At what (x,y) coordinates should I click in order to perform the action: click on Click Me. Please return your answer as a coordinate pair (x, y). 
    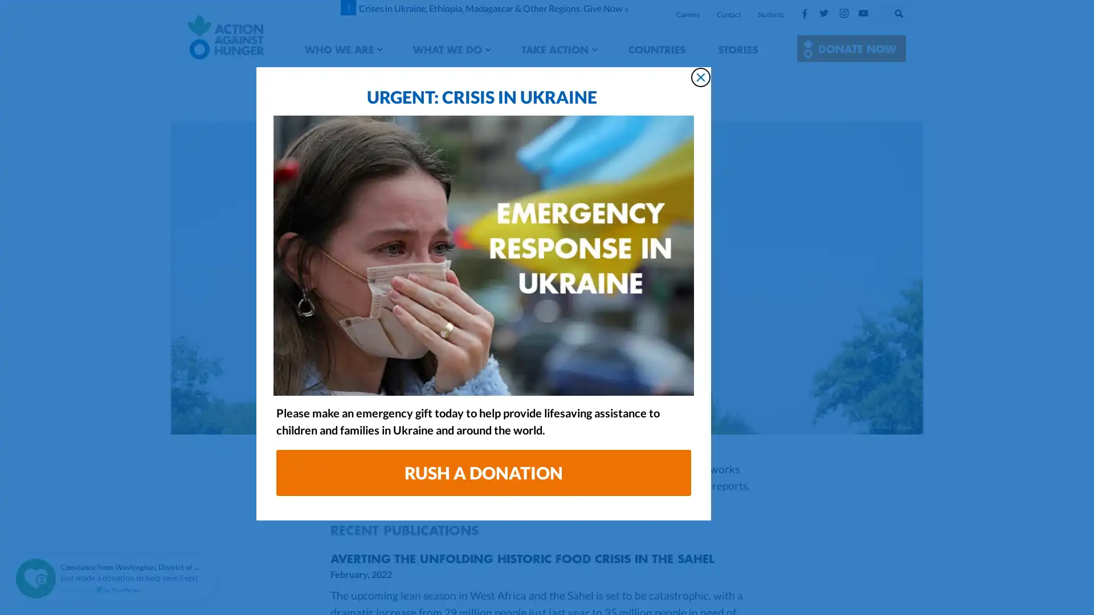
    Looking at the image, I should click on (851, 48).